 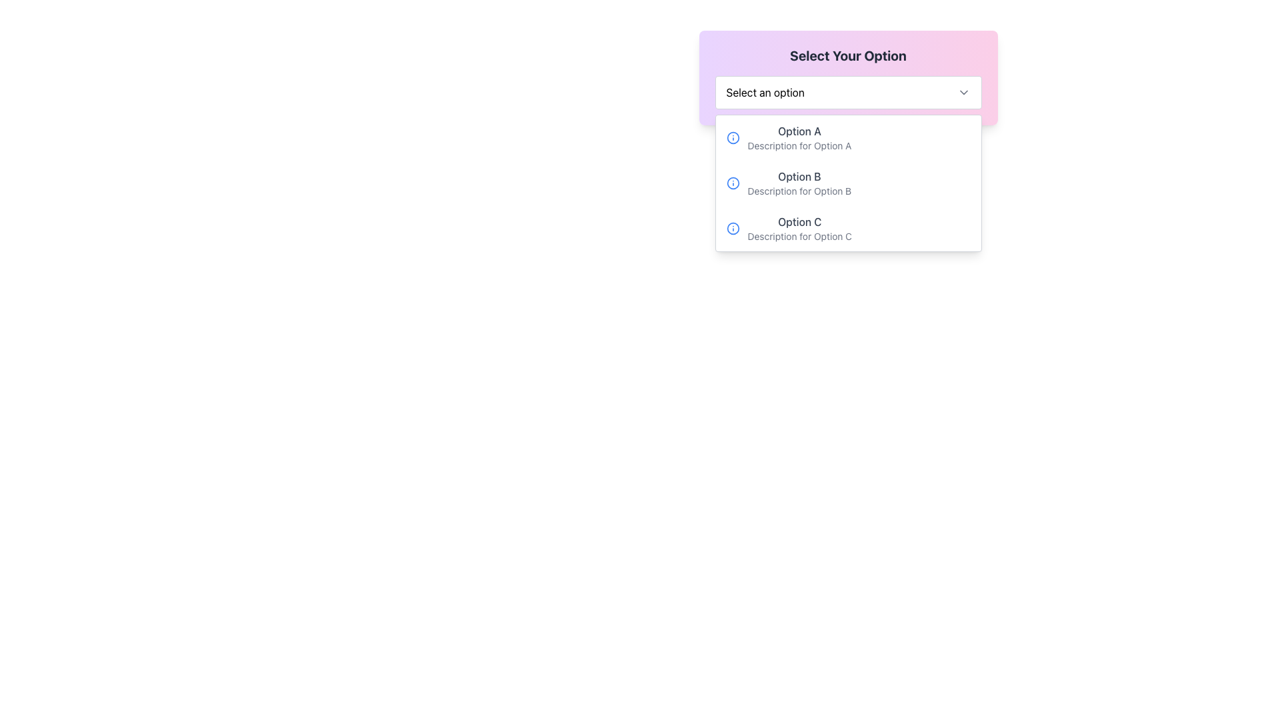 I want to click on the list item labeled 'Option C' with the description 'Description for Option C', which is the third option in a vertical dropdown menu, so click(x=799, y=228).